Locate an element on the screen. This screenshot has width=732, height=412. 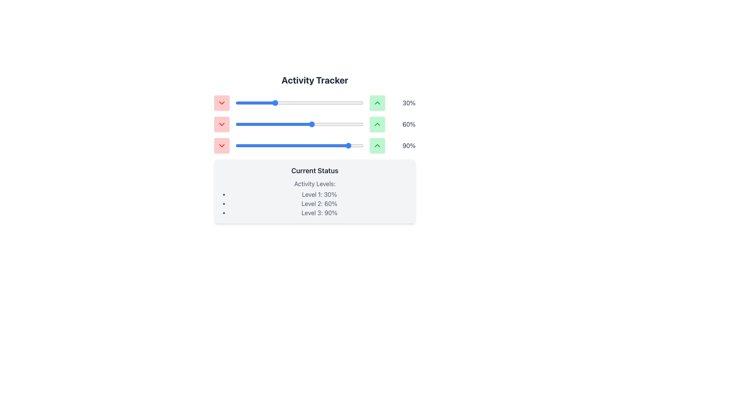
the slider value is located at coordinates (261, 145).